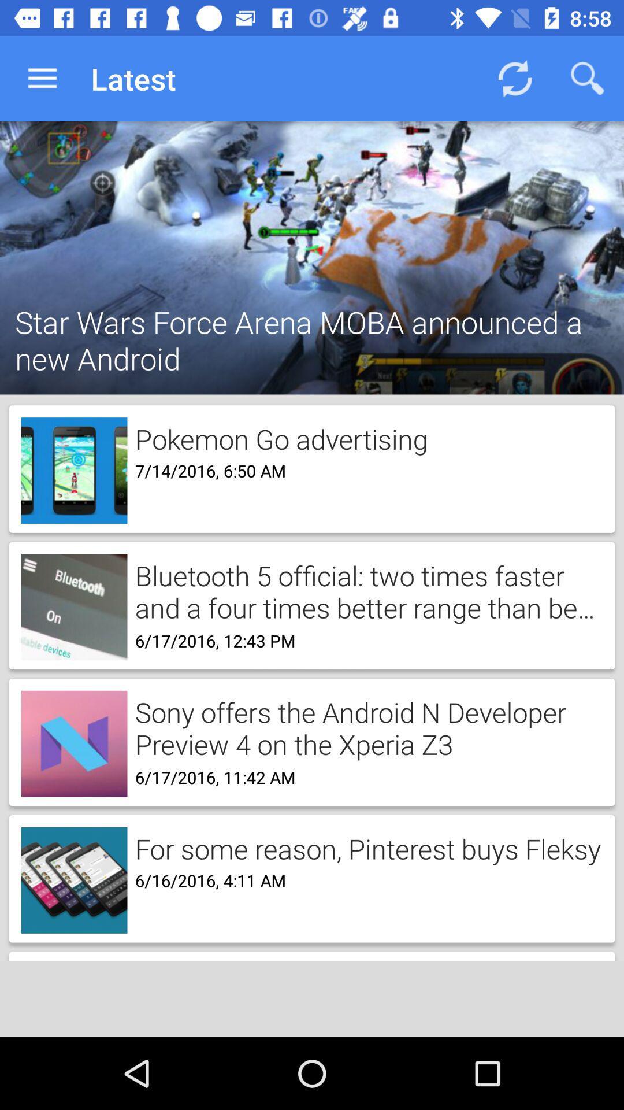  What do you see at coordinates (312, 324) in the screenshot?
I see `star wars force` at bounding box center [312, 324].